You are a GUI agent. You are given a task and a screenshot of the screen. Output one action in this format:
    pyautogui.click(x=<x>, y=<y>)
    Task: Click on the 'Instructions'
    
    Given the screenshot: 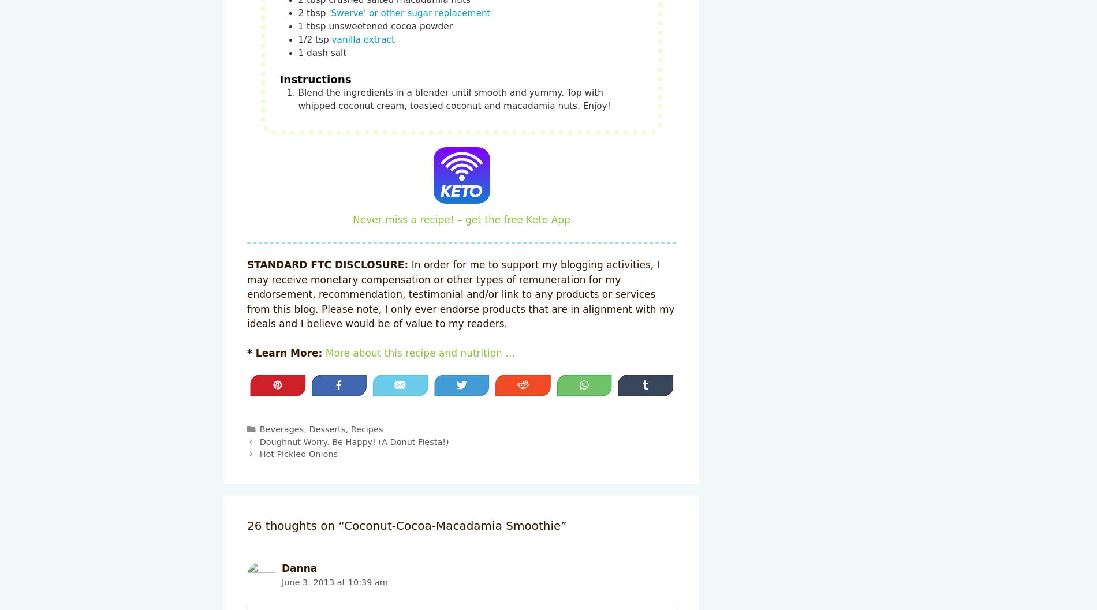 What is the action you would take?
    pyautogui.click(x=315, y=78)
    